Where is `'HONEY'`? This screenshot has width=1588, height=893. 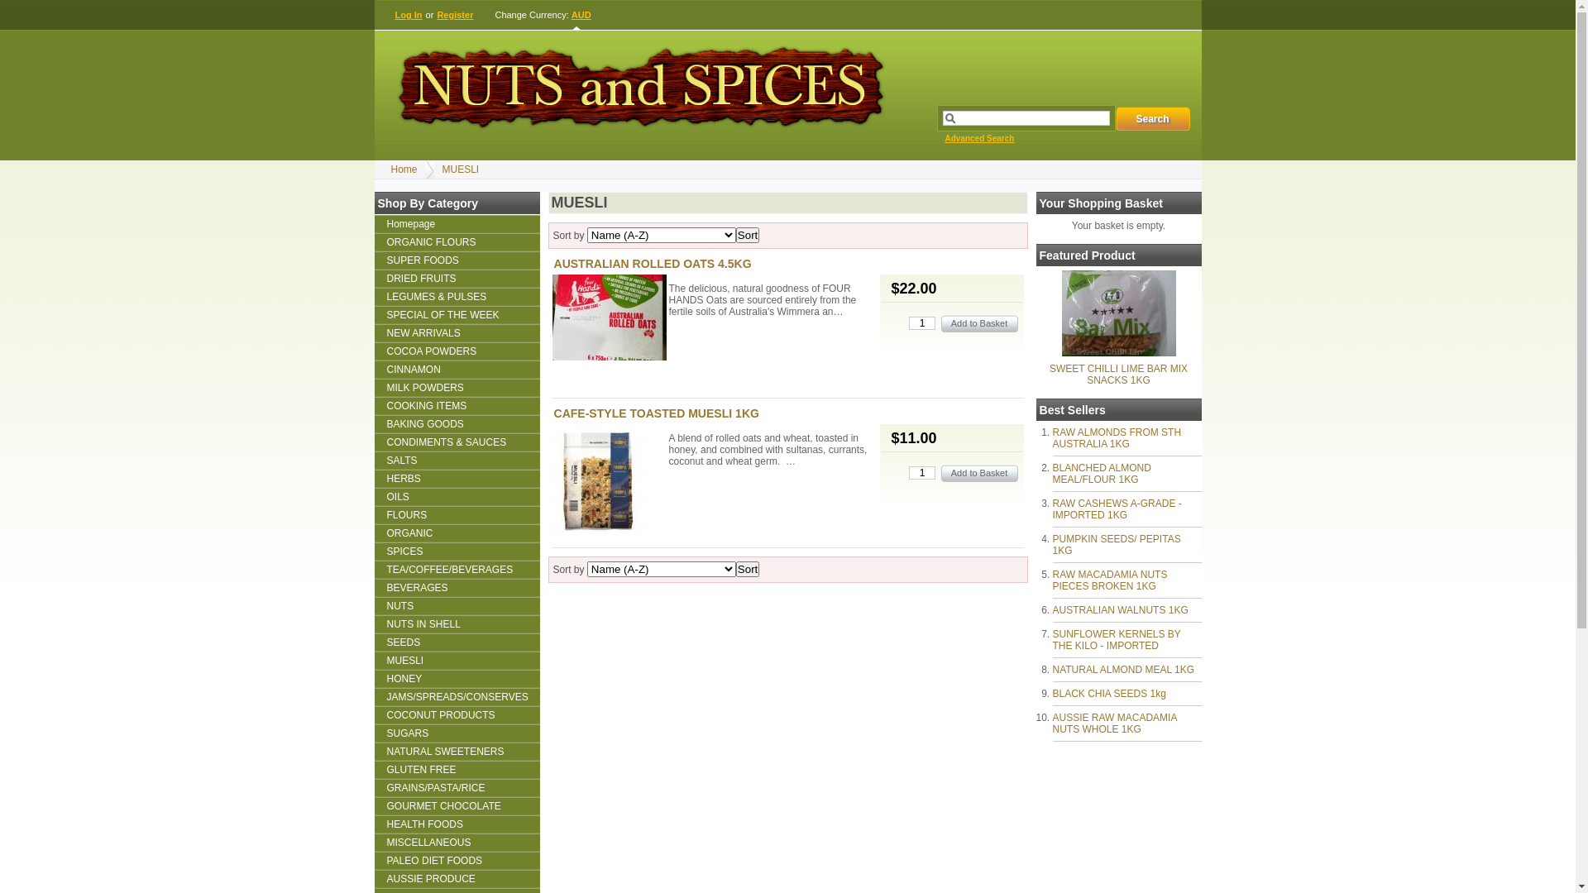
'HONEY' is located at coordinates (372, 679).